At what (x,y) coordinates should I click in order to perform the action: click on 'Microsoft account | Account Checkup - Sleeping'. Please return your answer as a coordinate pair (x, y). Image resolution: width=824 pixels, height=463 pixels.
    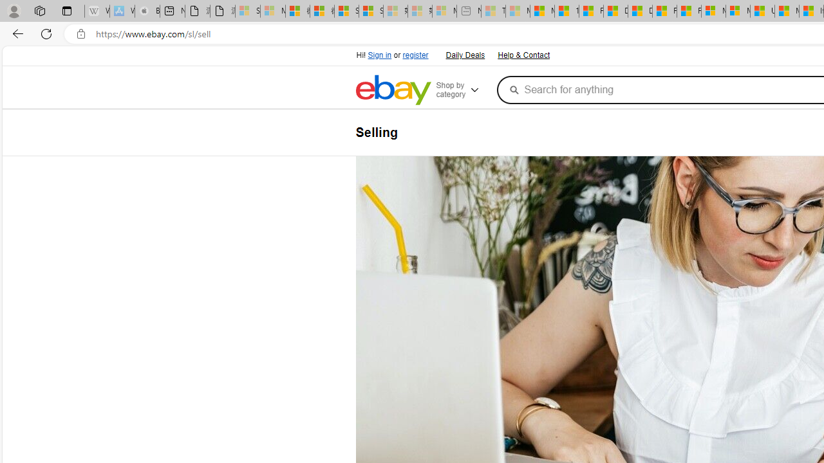
    Looking at the image, I should click on (444, 11).